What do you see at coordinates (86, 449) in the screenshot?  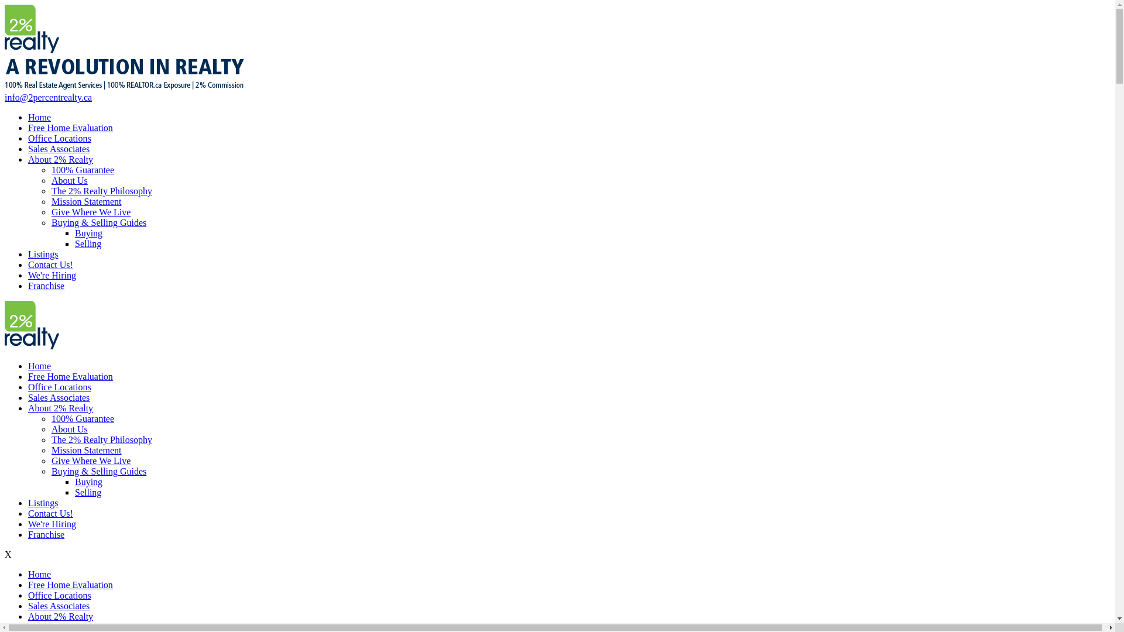 I see `'Mission Statement'` at bounding box center [86, 449].